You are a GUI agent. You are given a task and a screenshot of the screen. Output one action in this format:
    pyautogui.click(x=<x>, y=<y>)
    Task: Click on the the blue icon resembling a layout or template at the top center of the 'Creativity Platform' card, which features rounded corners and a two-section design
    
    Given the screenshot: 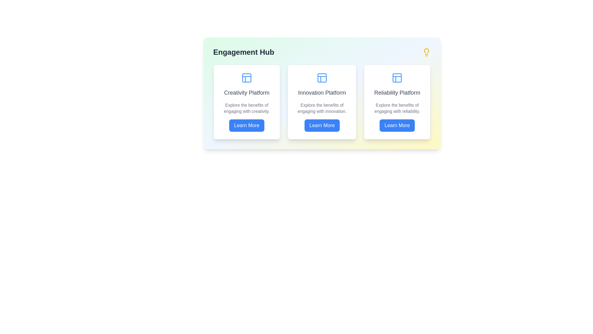 What is the action you would take?
    pyautogui.click(x=246, y=77)
    